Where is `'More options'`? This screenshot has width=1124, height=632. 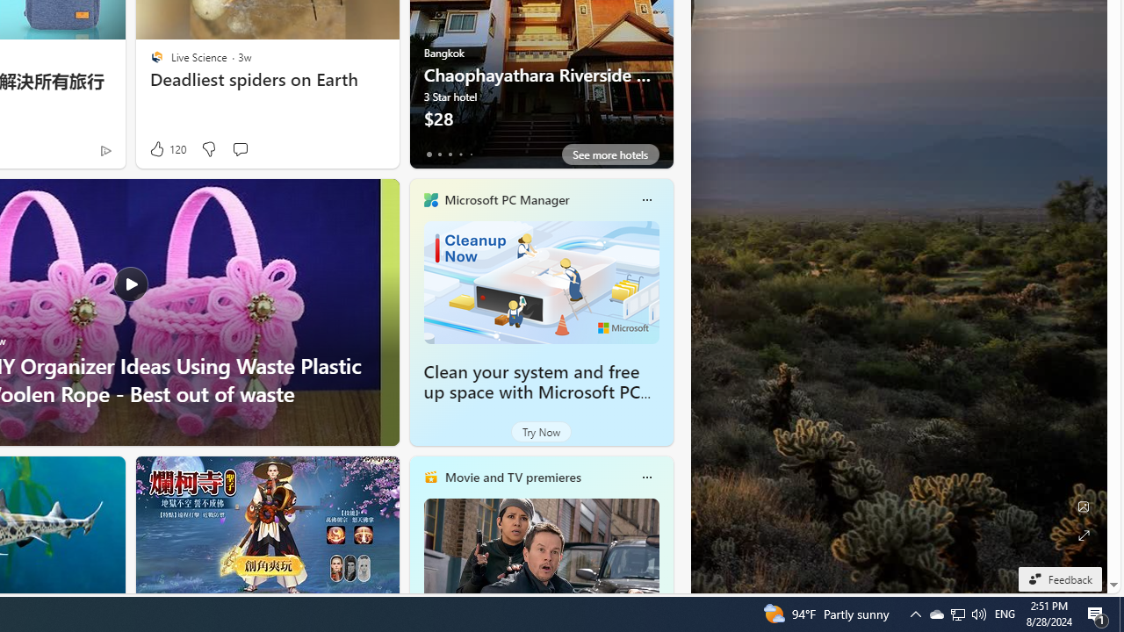 'More options' is located at coordinates (645, 477).